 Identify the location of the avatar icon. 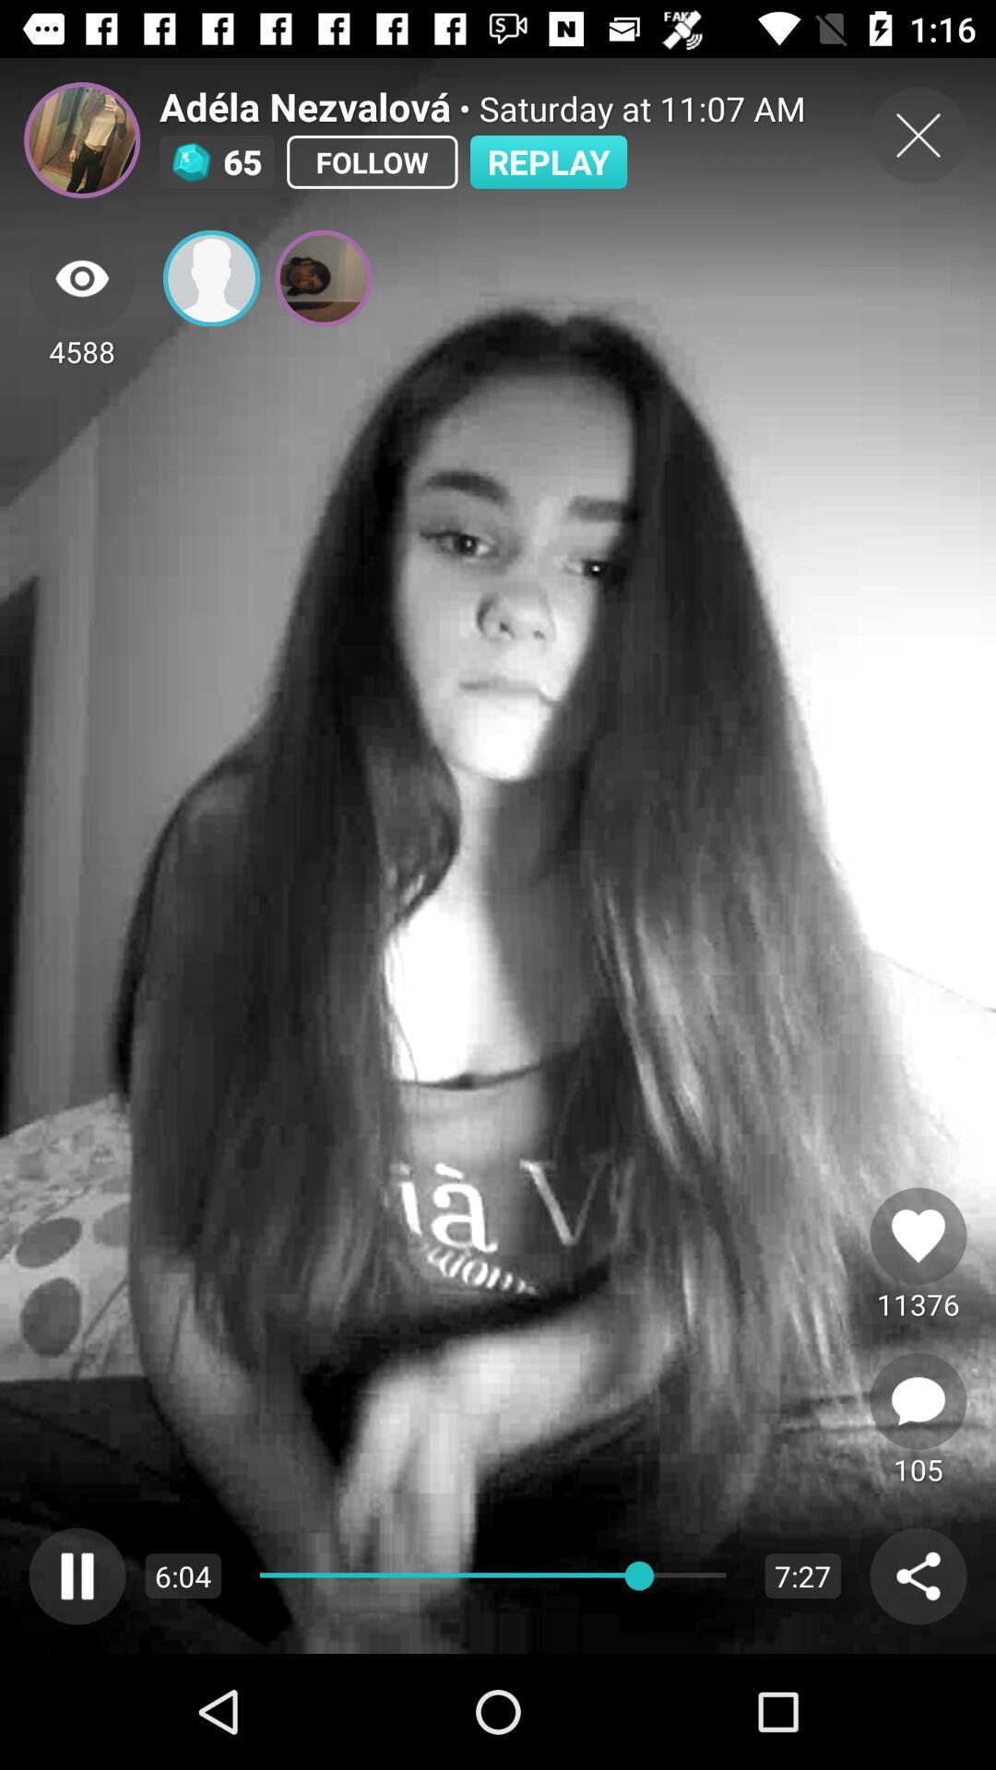
(81, 139).